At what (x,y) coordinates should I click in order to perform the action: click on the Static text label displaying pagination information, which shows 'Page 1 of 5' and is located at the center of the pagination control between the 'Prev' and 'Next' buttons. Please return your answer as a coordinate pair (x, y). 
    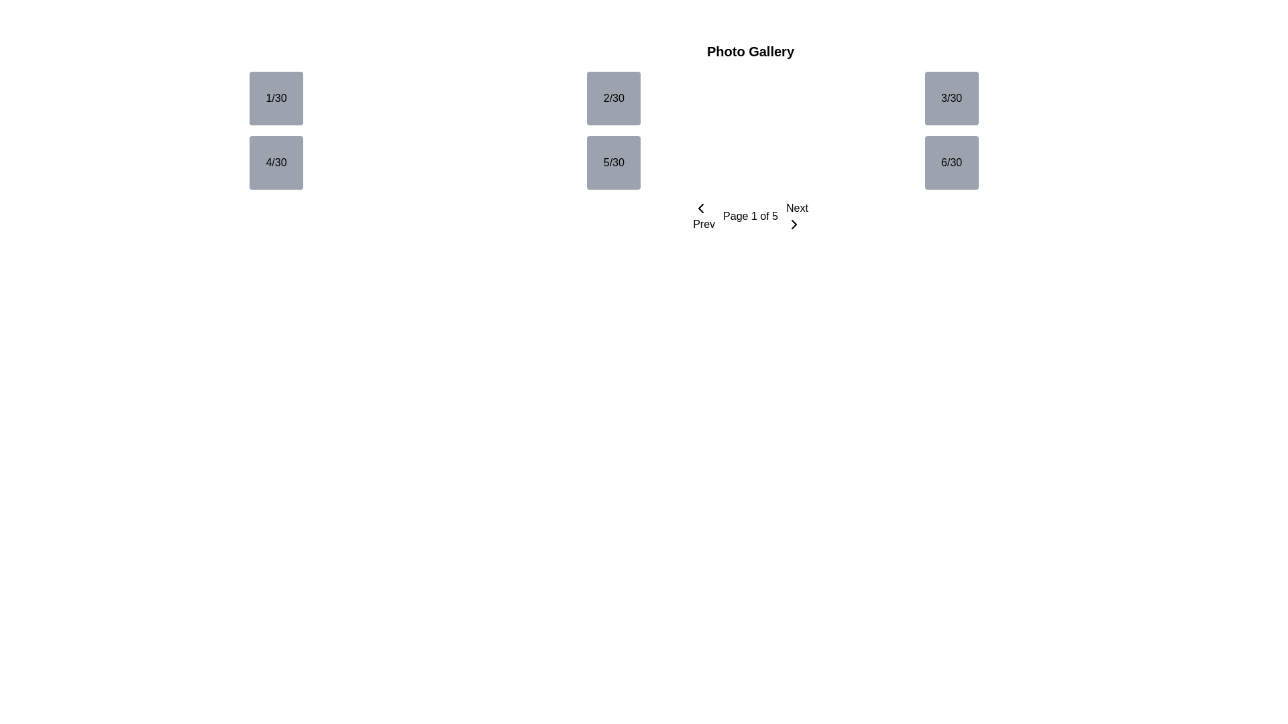
    Looking at the image, I should click on (749, 216).